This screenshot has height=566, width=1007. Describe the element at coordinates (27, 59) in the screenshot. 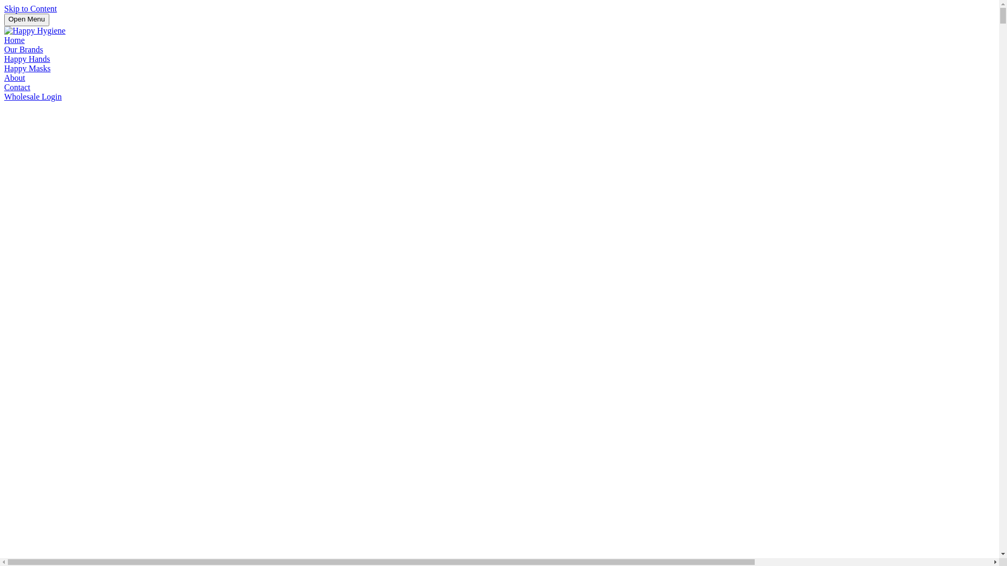

I see `'Happy Hands'` at that location.